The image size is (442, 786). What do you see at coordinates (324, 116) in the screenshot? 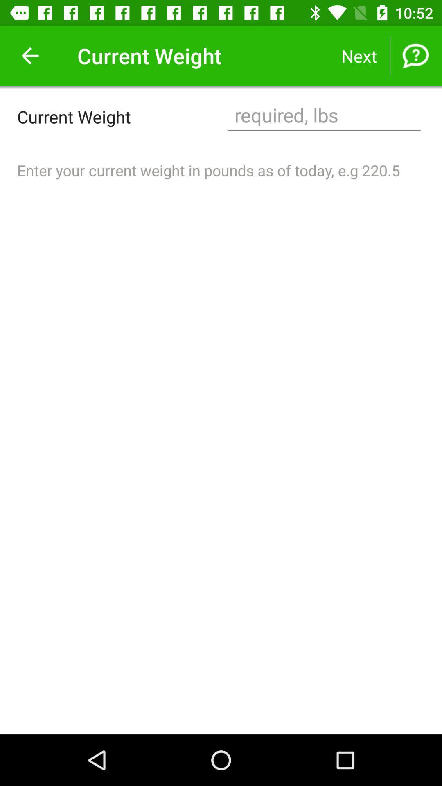
I see `text` at bounding box center [324, 116].